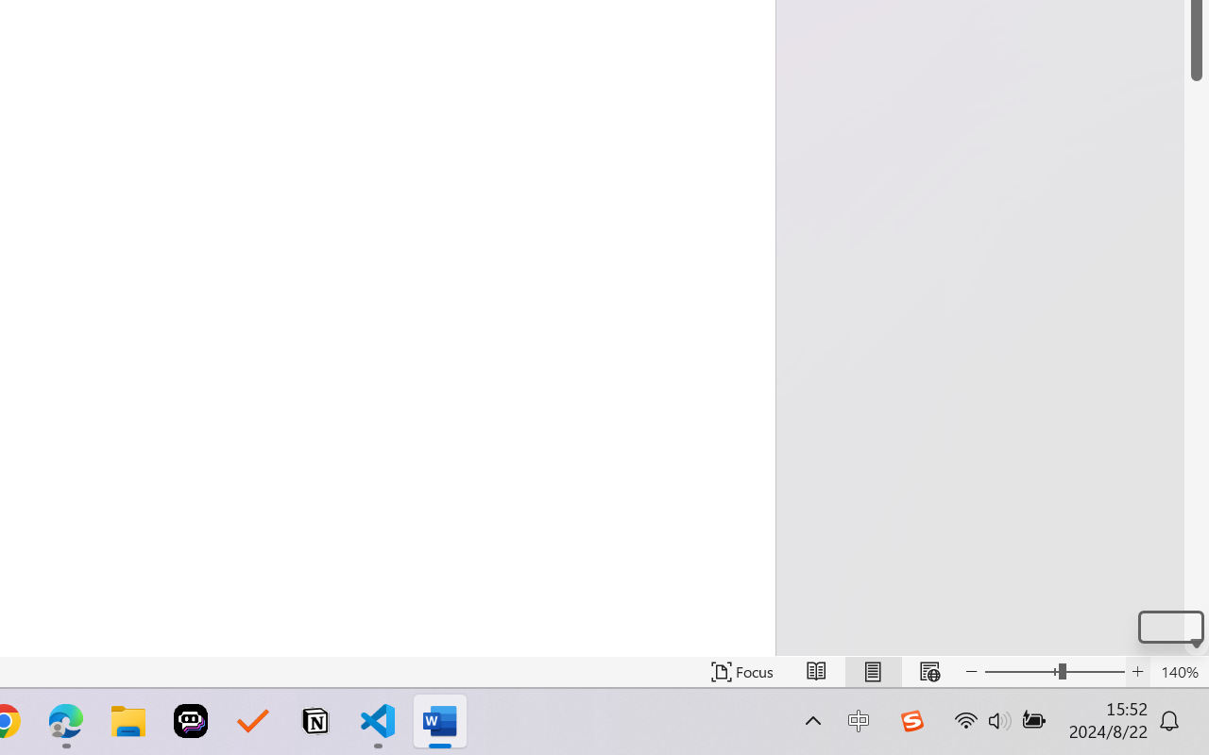  What do you see at coordinates (816, 671) in the screenshot?
I see `'Read Mode'` at bounding box center [816, 671].